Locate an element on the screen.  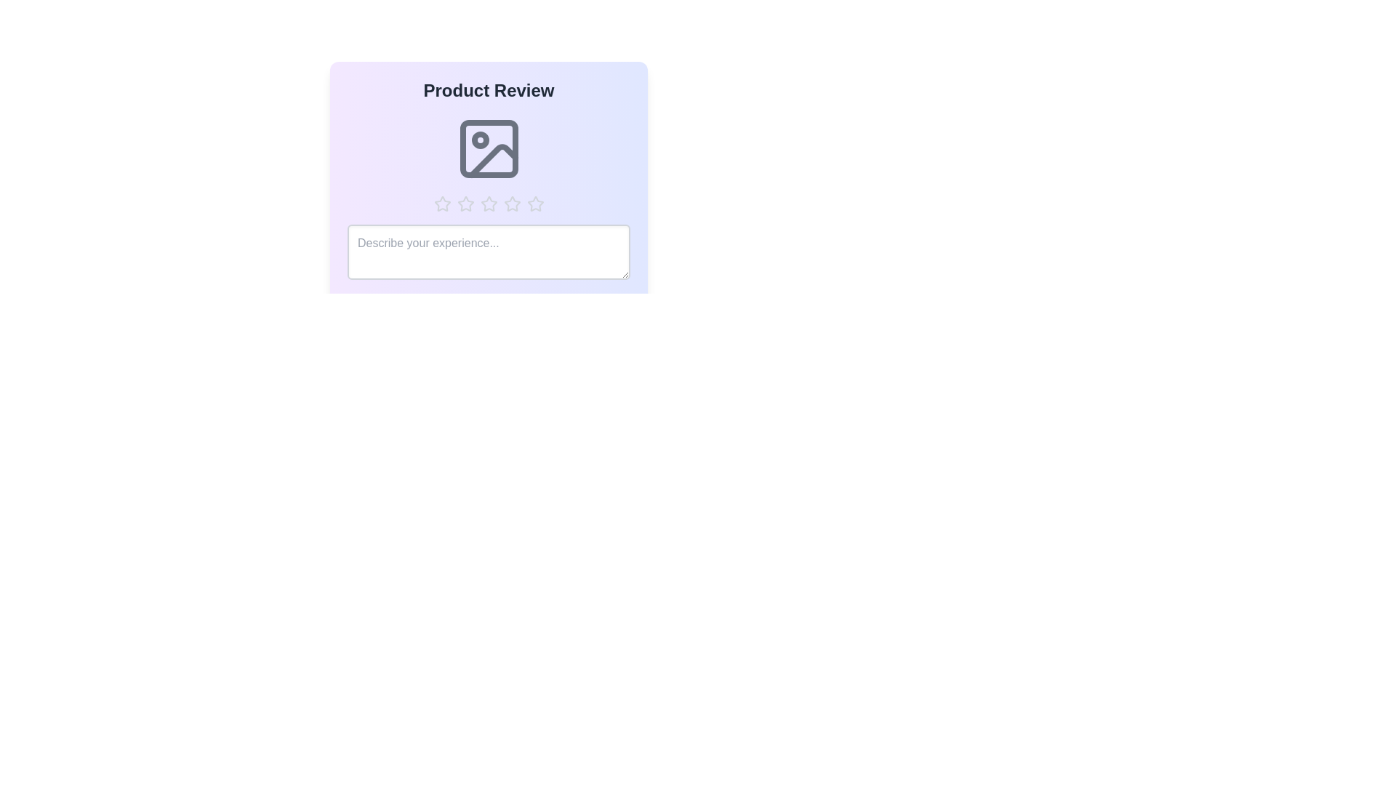
the star corresponding to 1 stars to preview the rating is located at coordinates (441, 204).